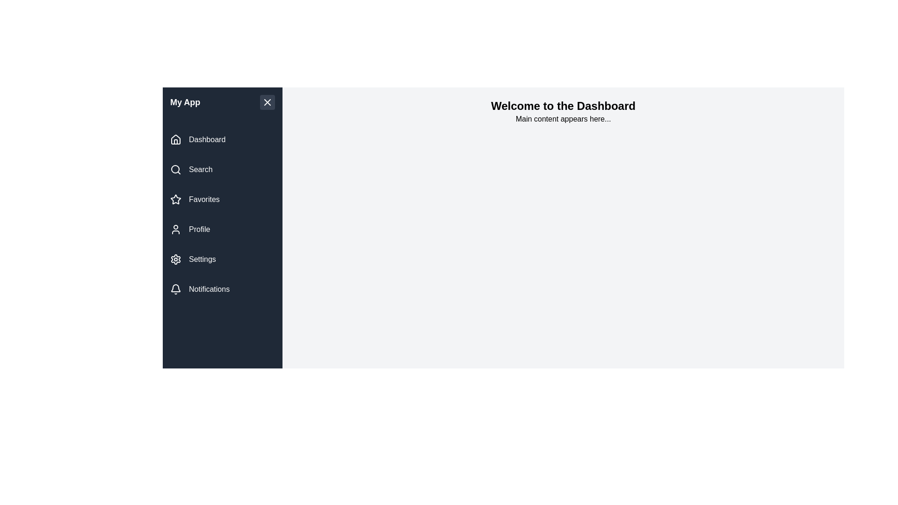 The height and width of the screenshot is (505, 898). I want to click on the navigation link labeled Search, so click(222, 169).